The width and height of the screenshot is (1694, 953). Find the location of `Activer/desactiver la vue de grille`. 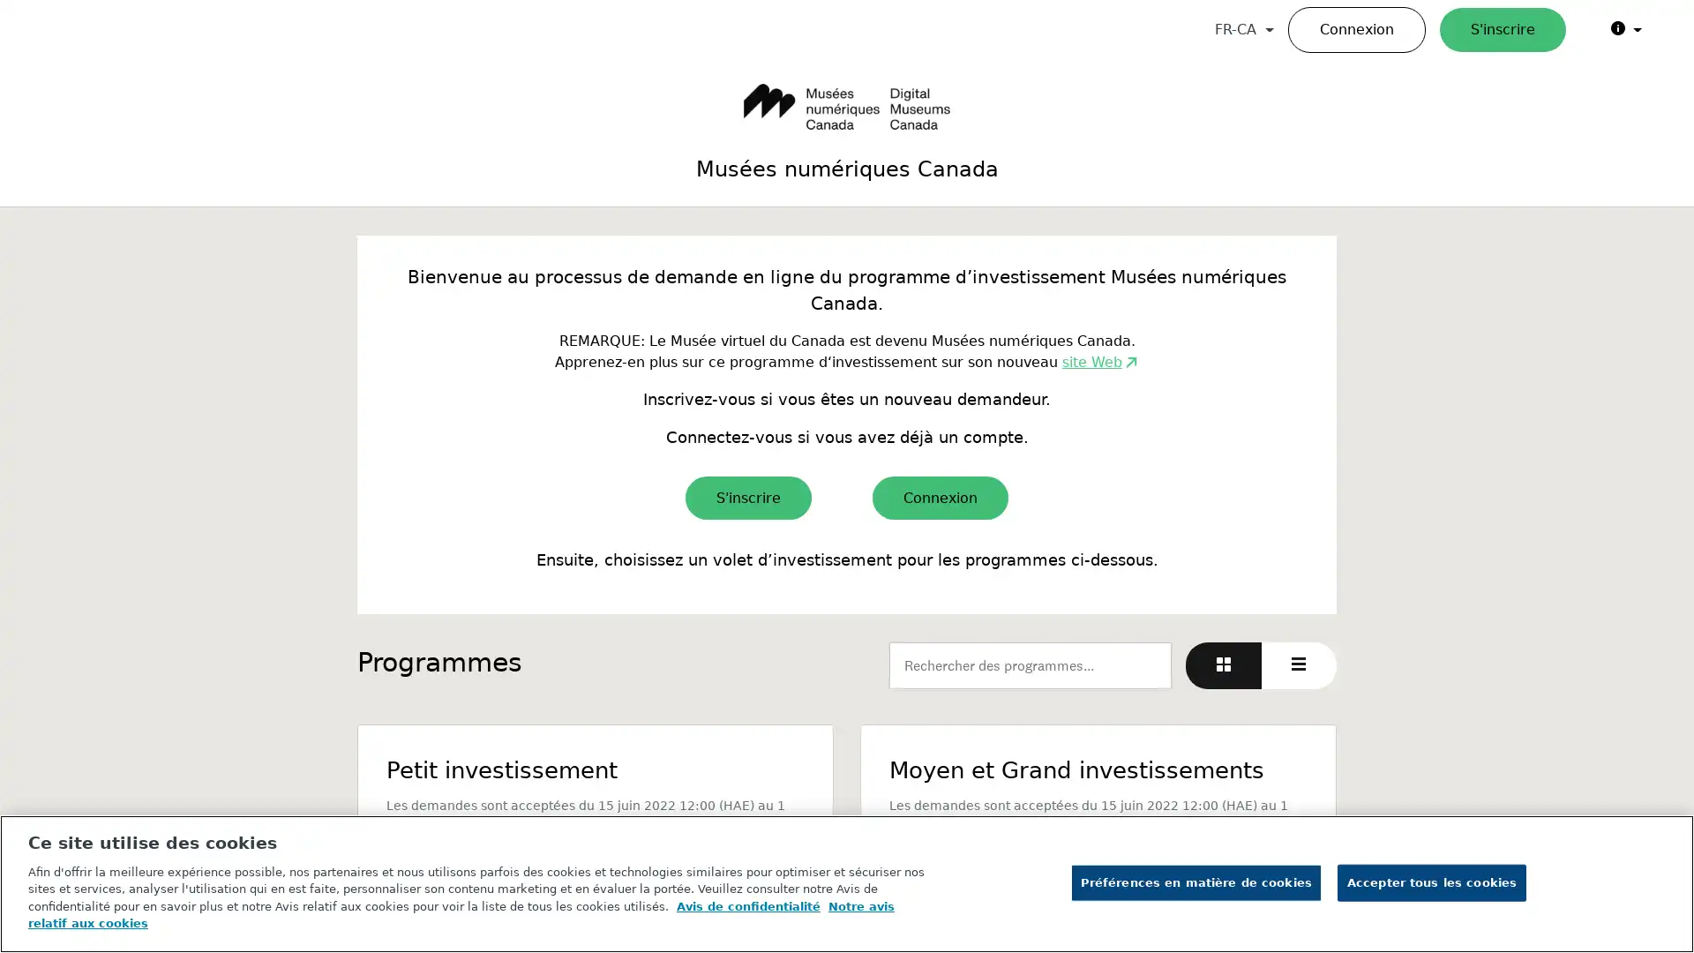

Activer/desactiver la vue de grille is located at coordinates (1223, 665).